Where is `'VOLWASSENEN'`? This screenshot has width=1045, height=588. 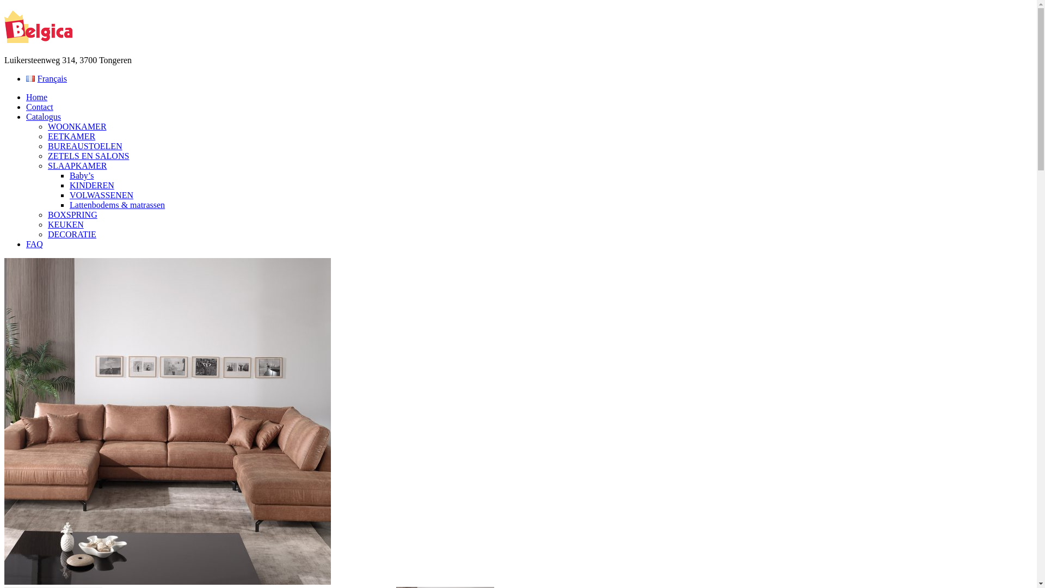 'VOLWASSENEN' is located at coordinates (101, 194).